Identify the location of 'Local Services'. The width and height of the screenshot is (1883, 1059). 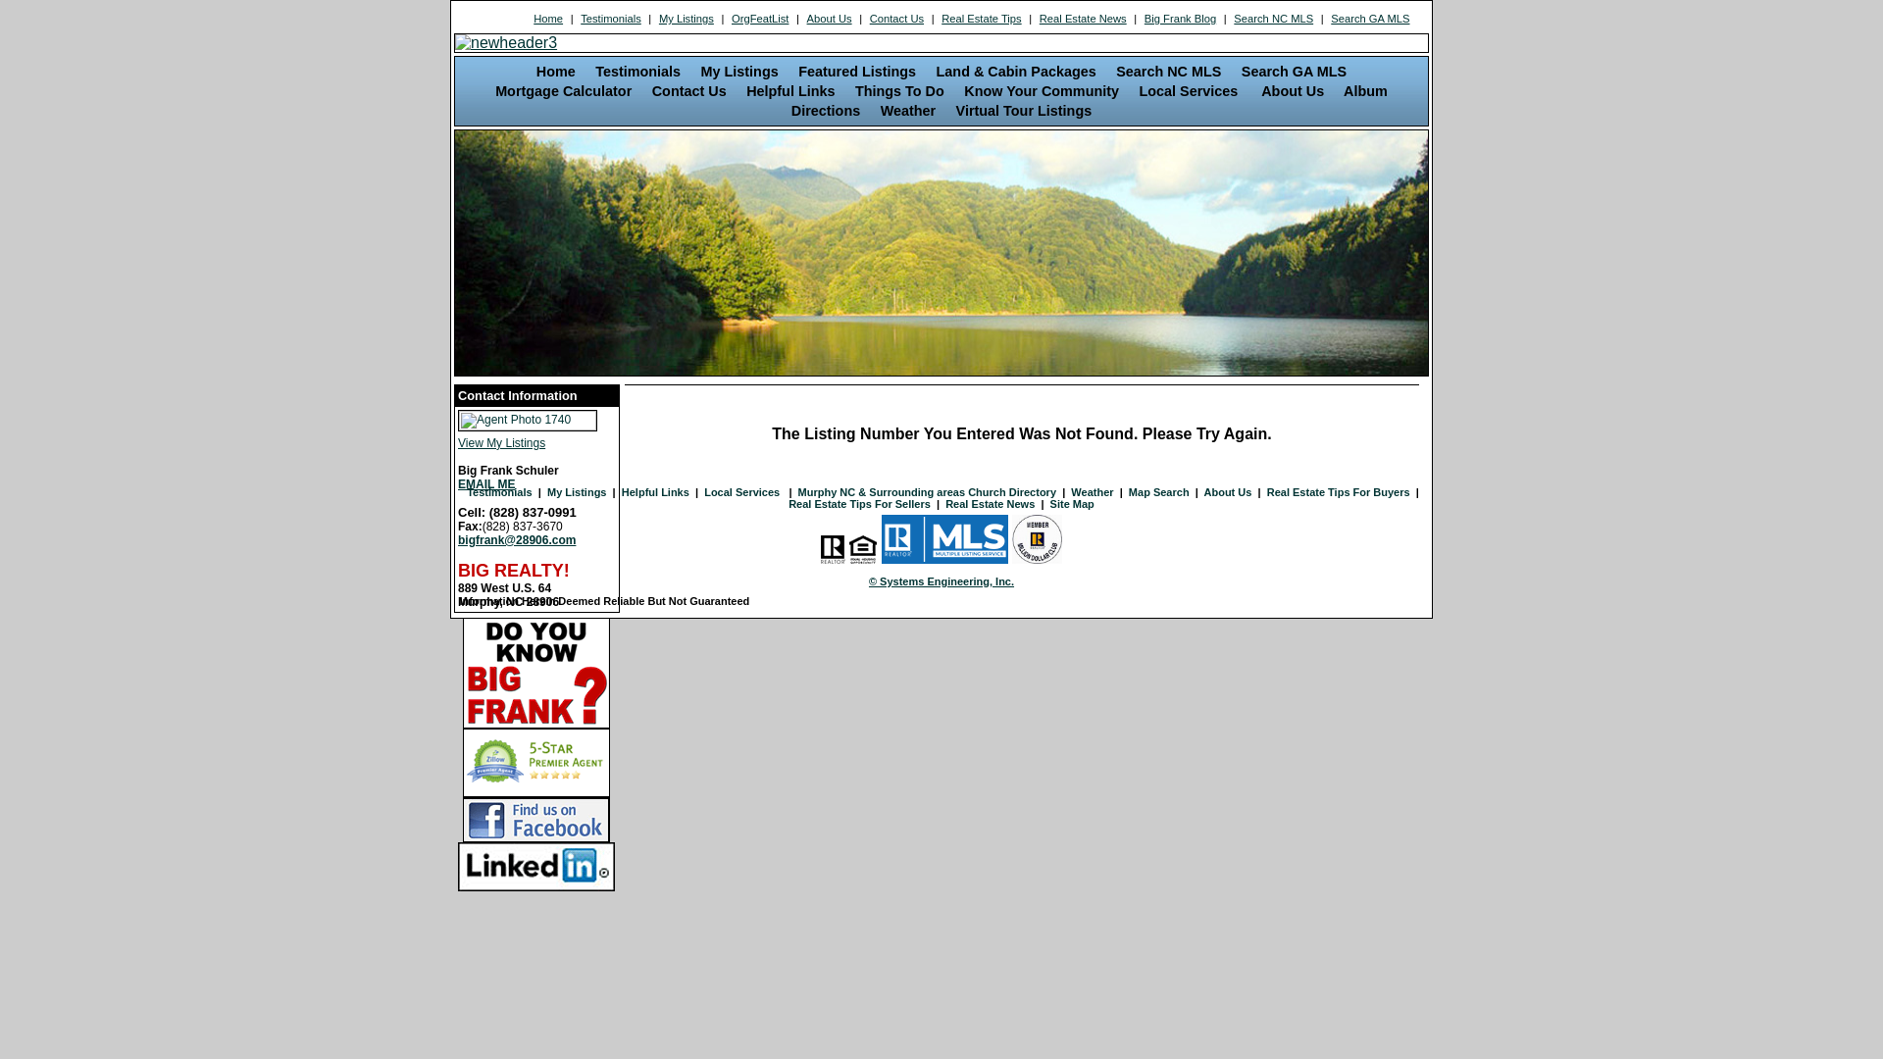
(742, 490).